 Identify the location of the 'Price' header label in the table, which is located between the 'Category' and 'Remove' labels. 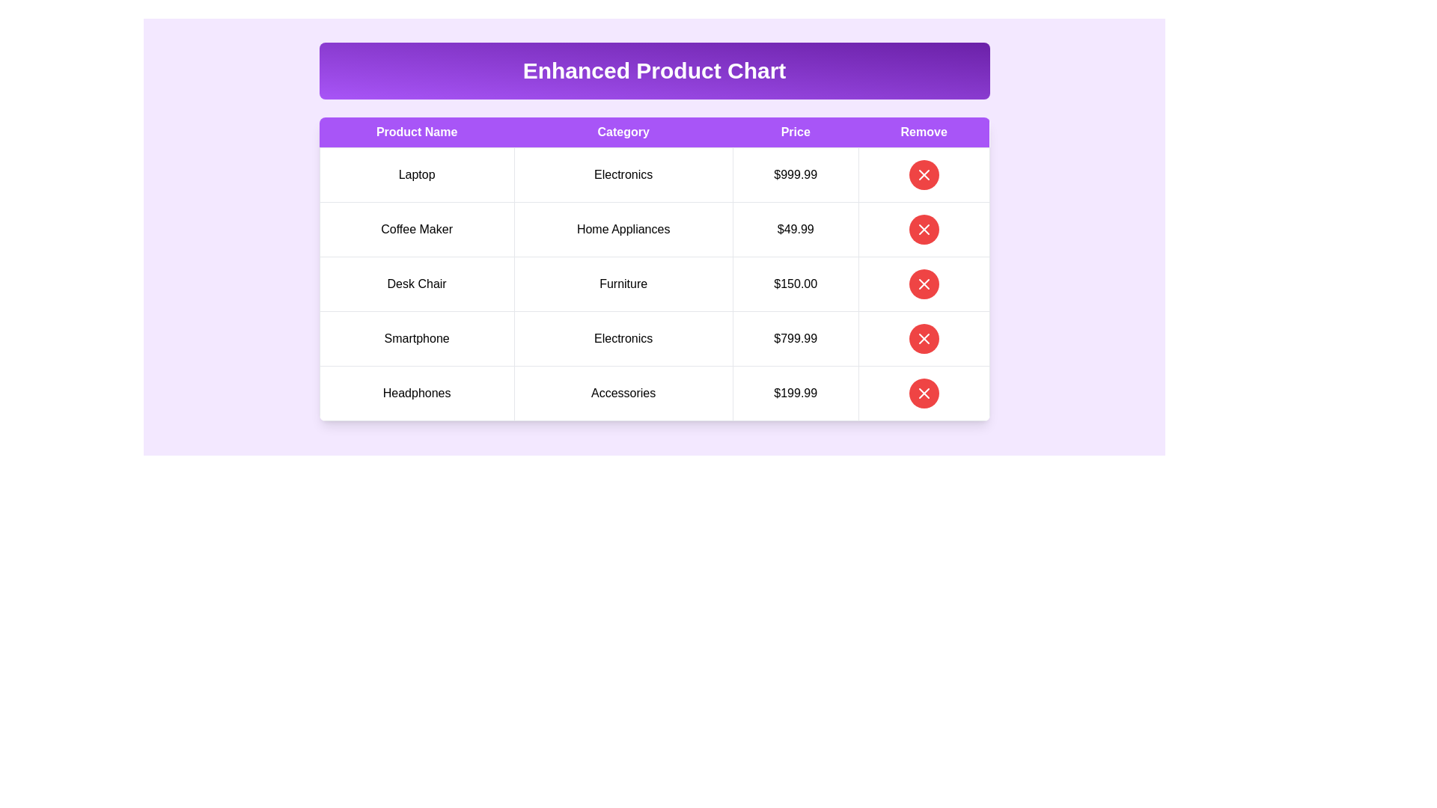
(795, 132).